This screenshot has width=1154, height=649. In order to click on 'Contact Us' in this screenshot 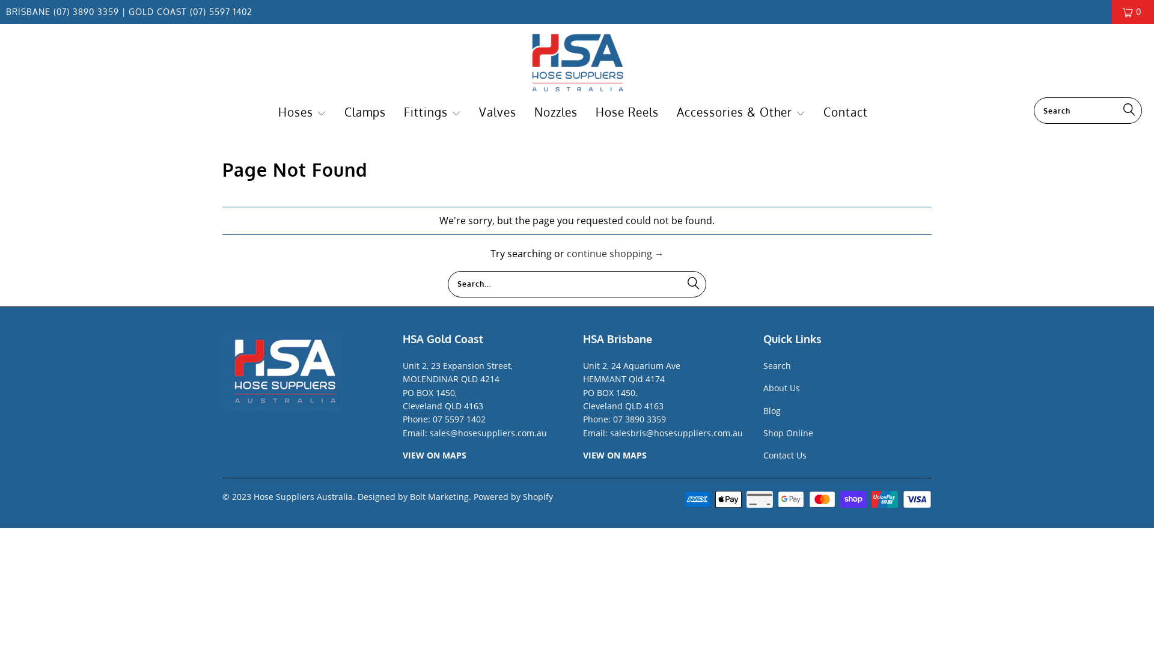, I will do `click(784, 455)`.